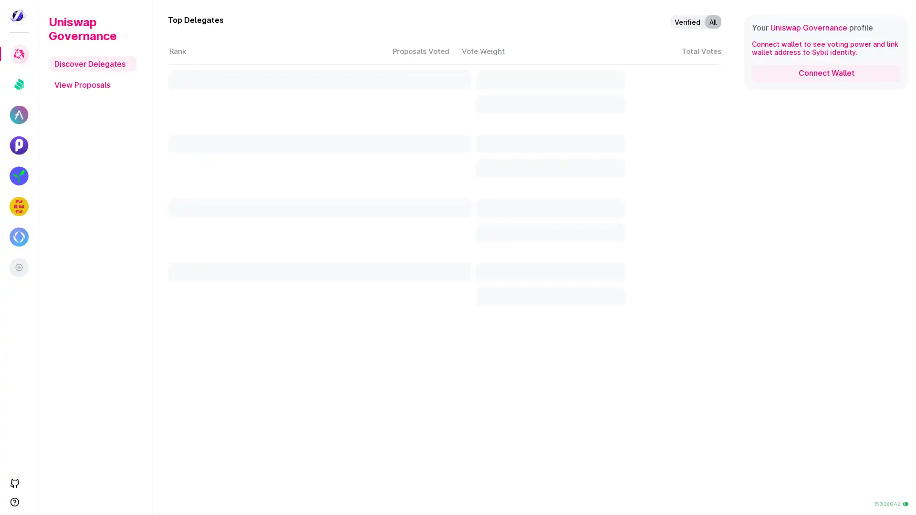  I want to click on Delegate, so click(633, 83).